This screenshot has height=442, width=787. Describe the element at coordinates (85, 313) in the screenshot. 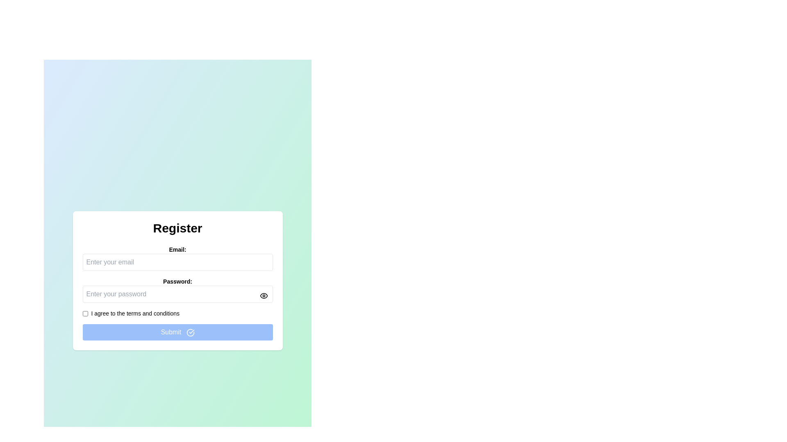

I see `the checkbox to uncheck it, which is positioned to the left of the text 'I agree to the terms and conditions'` at that location.